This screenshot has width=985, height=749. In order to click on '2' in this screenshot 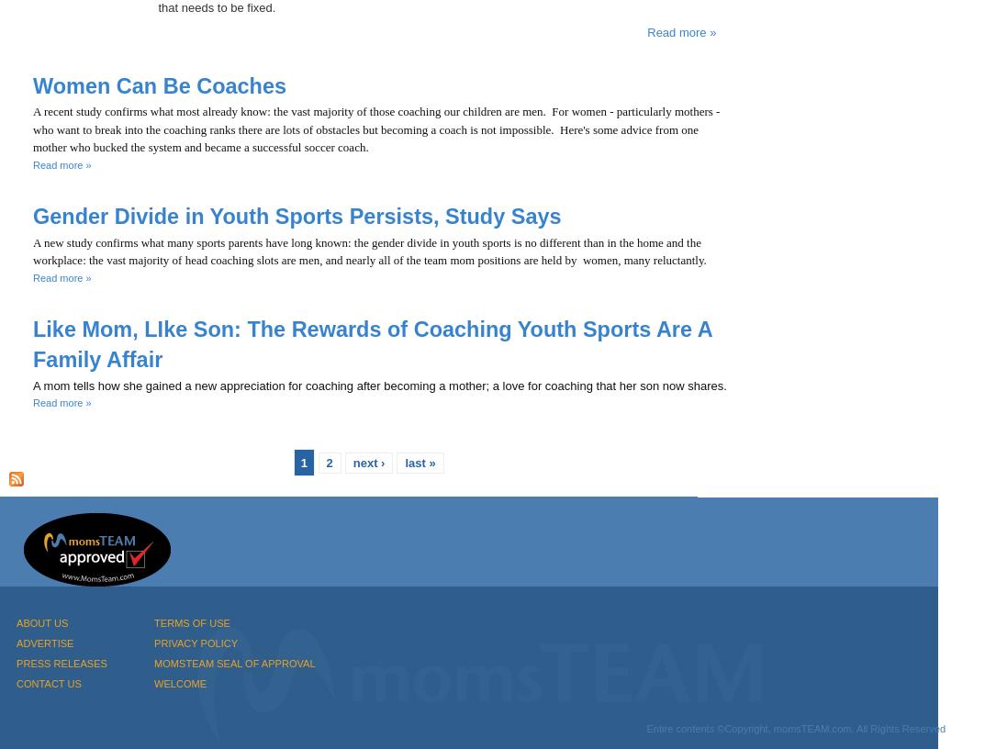, I will do `click(328, 461)`.